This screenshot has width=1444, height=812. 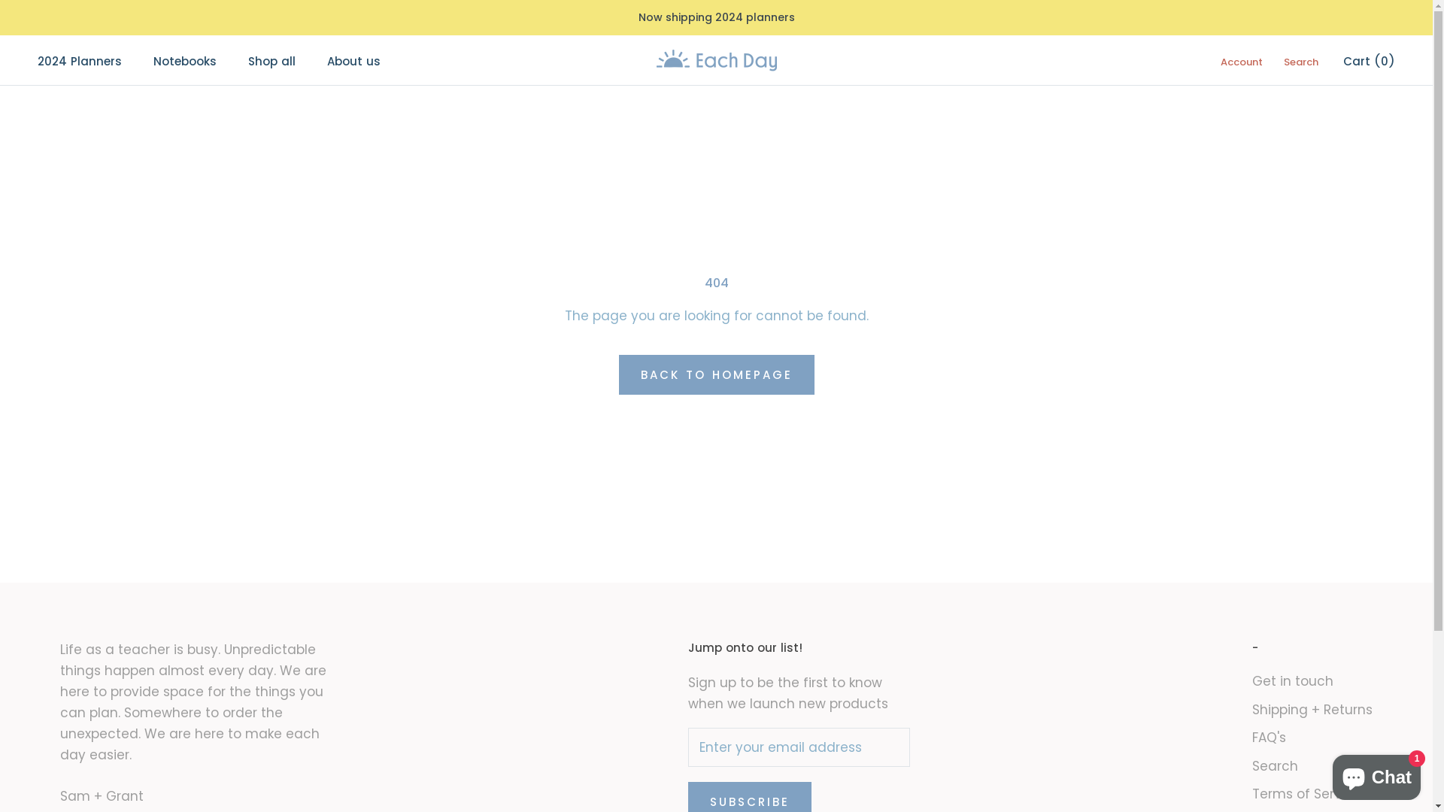 What do you see at coordinates (353, 60) in the screenshot?
I see `'About us` at bounding box center [353, 60].